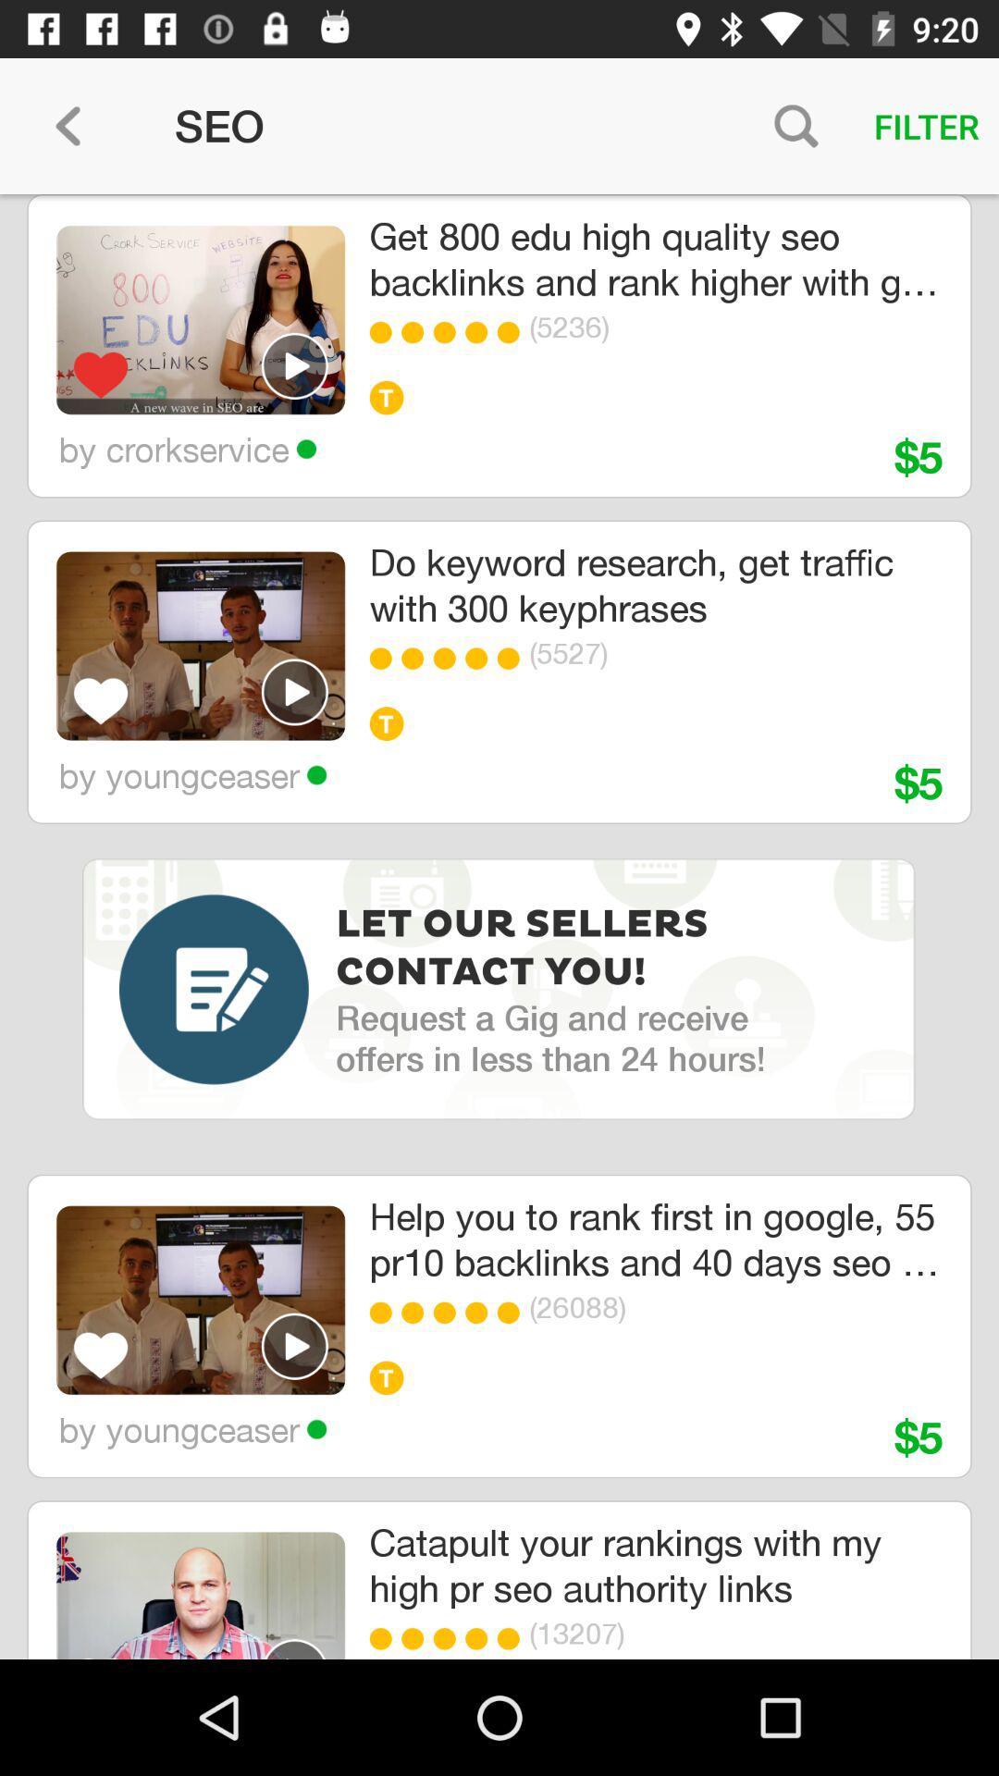 This screenshot has height=1776, width=999. What do you see at coordinates (294, 1345) in the screenshot?
I see `play icon in the third thumbnail` at bounding box center [294, 1345].